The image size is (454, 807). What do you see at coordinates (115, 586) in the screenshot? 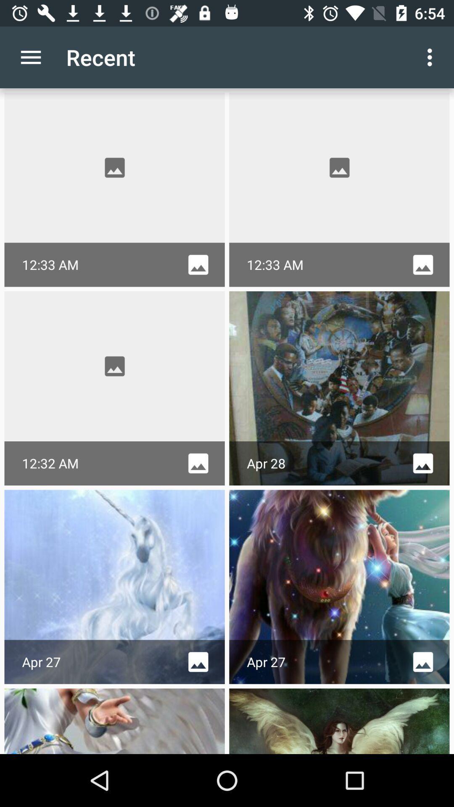
I see `the first image in third row from left` at bounding box center [115, 586].